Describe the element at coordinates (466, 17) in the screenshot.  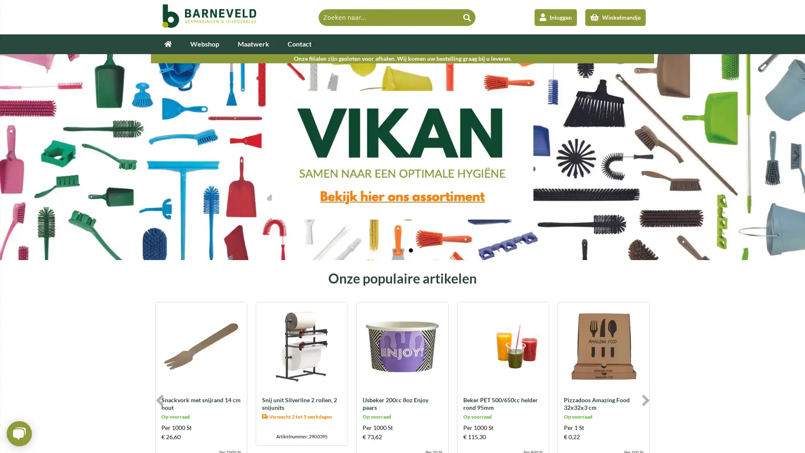
I see `Zoeken naar...` at that location.